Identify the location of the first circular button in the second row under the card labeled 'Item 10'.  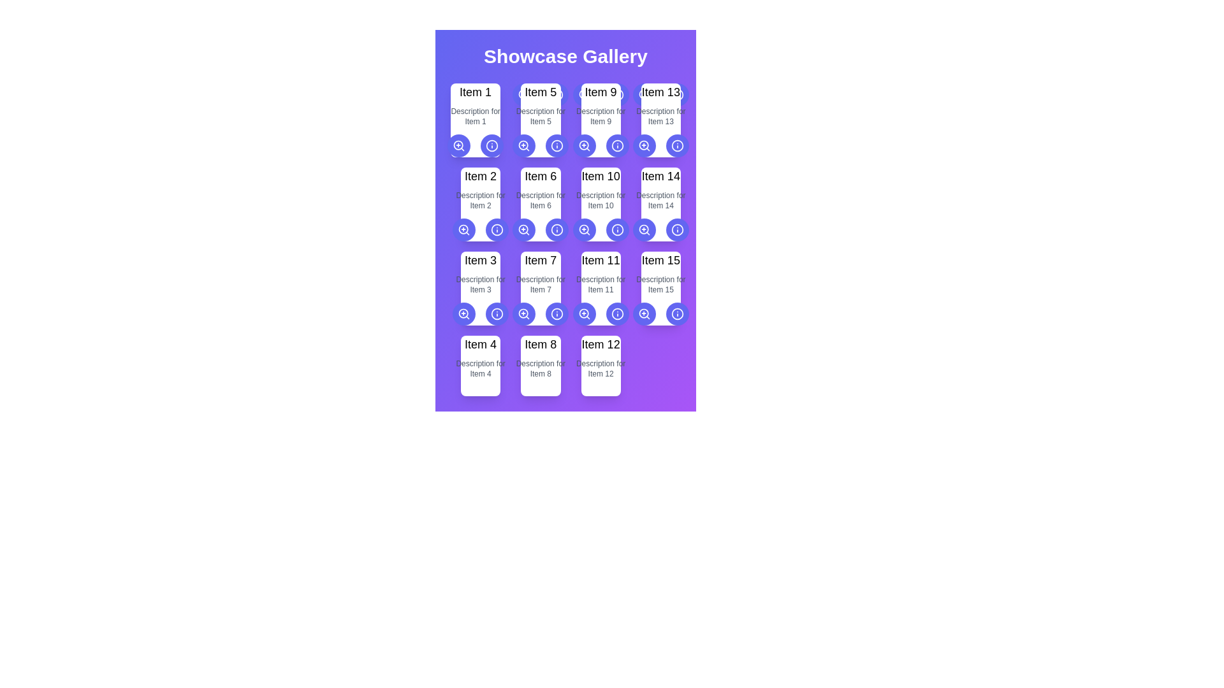
(583, 230).